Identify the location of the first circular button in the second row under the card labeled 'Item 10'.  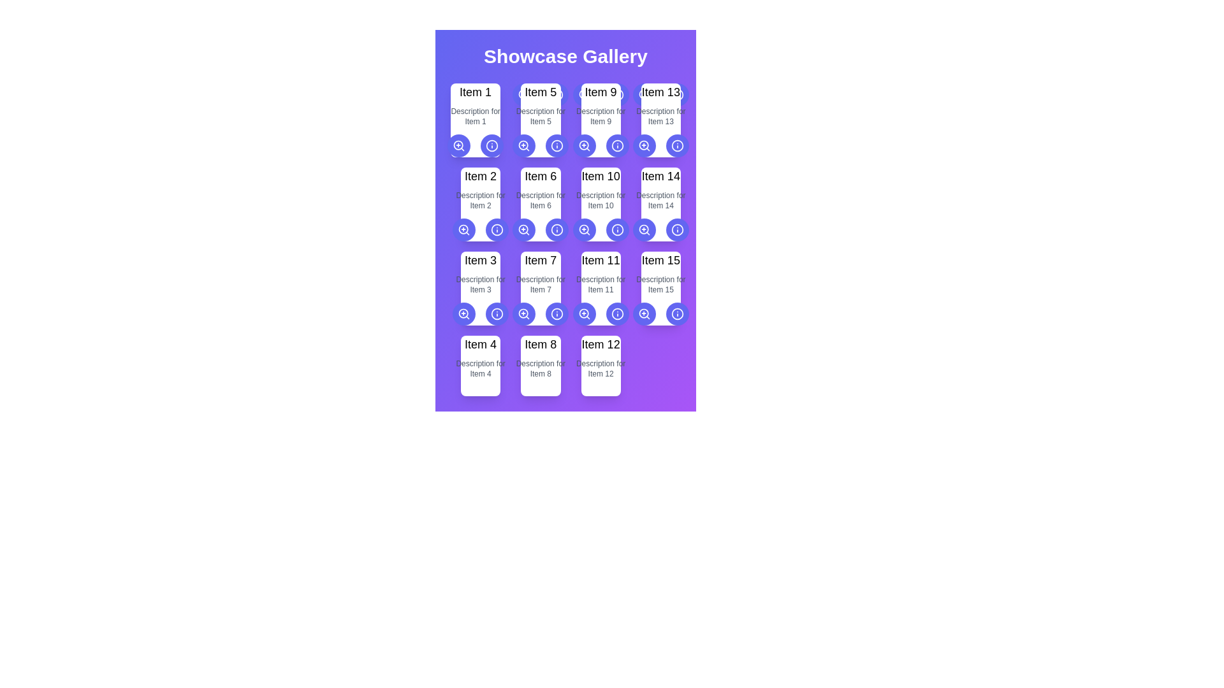
(583, 230).